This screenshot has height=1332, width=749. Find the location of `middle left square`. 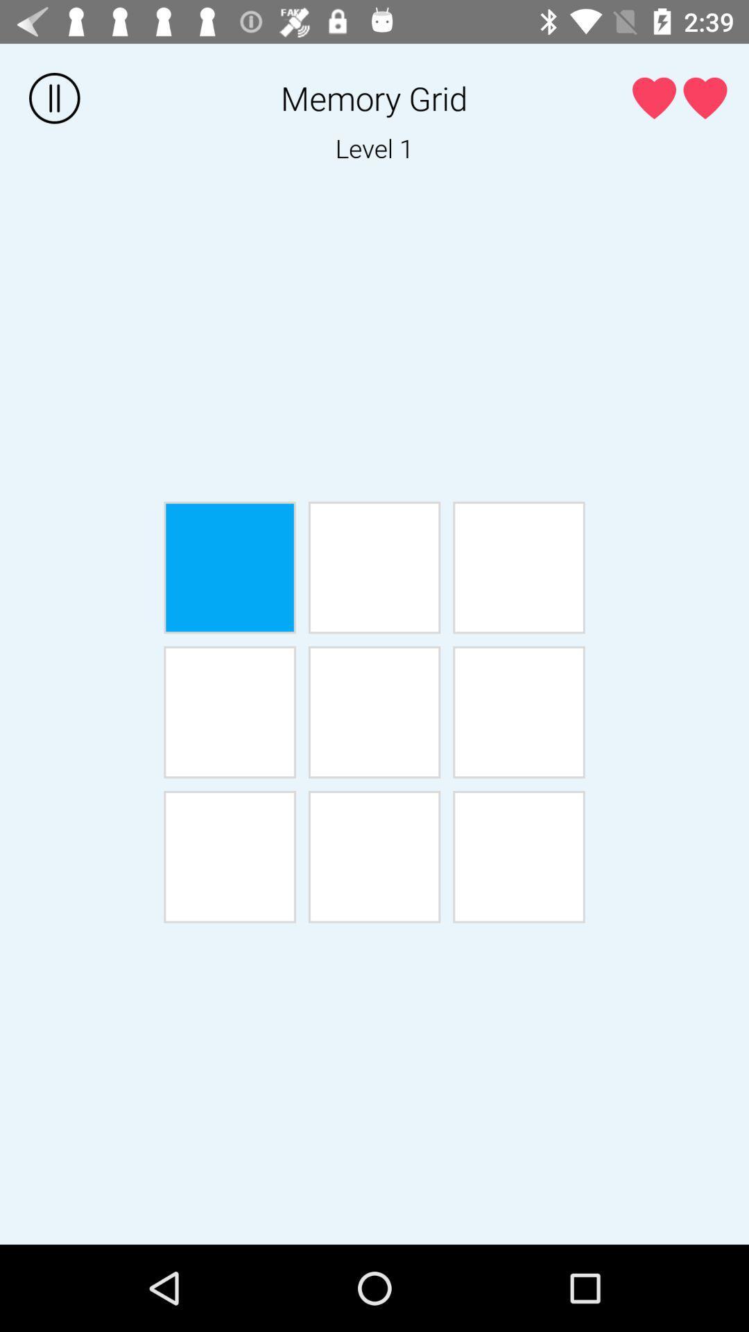

middle left square is located at coordinates (229, 712).